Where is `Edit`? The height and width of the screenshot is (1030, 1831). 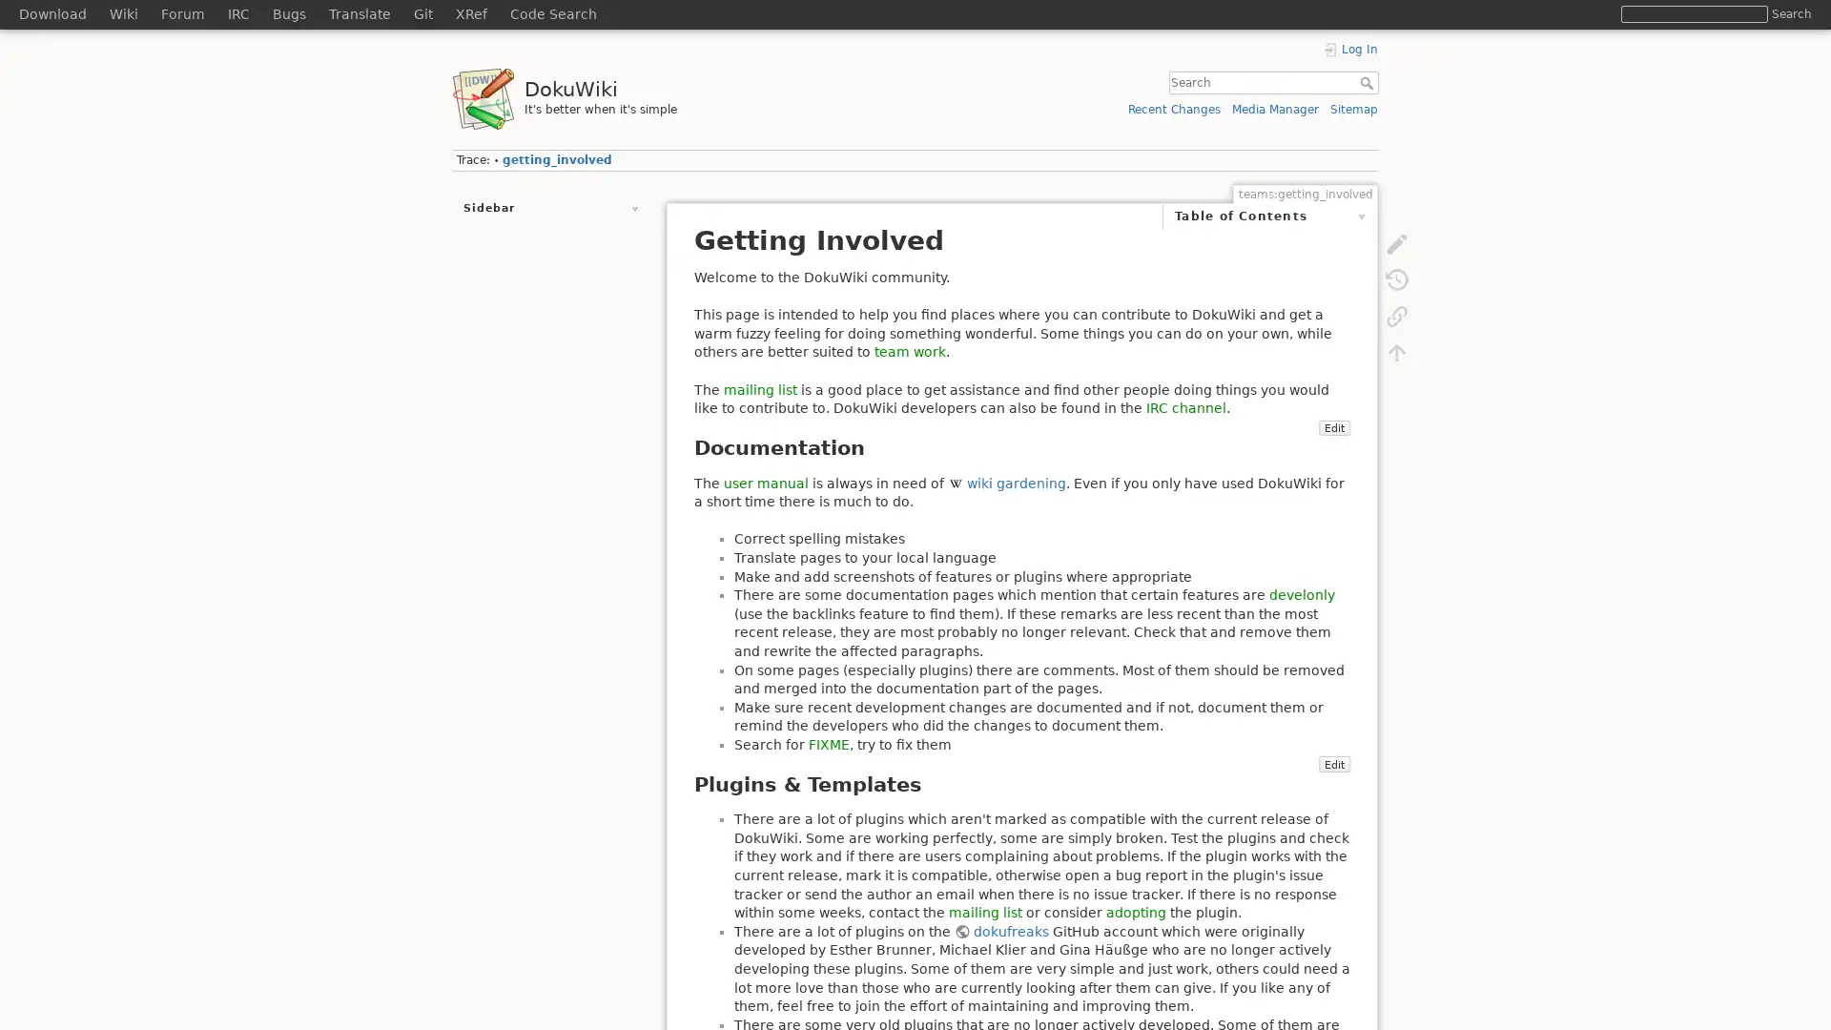 Edit is located at coordinates (1332, 445).